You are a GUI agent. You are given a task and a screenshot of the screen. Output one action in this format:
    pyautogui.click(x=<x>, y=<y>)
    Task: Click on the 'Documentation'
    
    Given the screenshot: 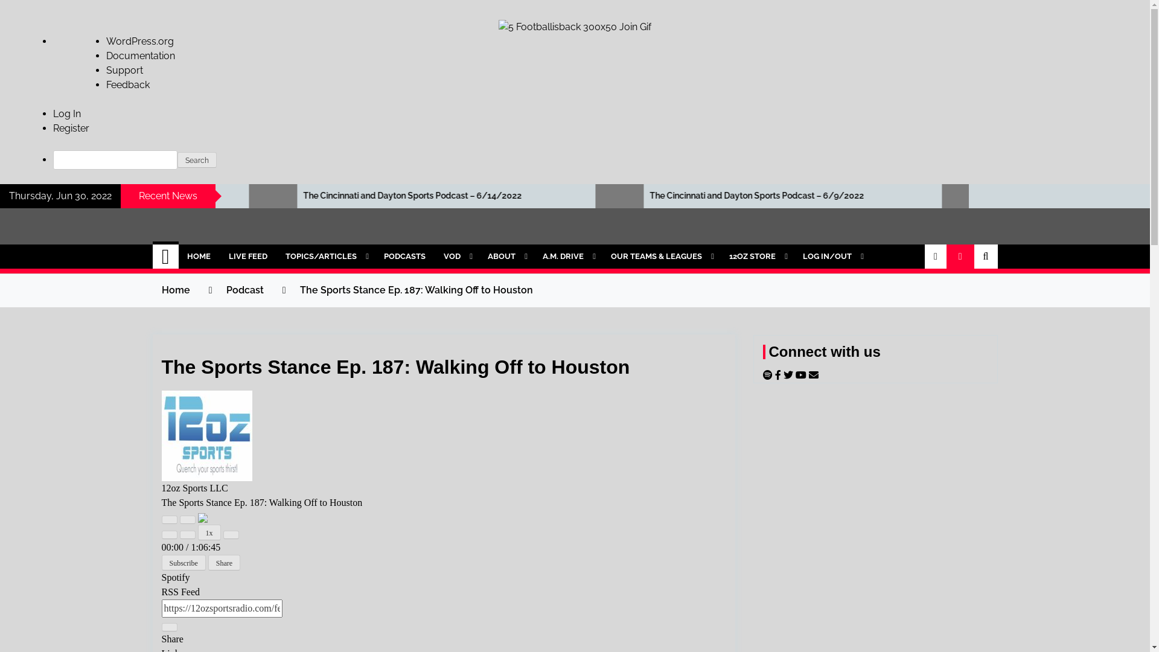 What is the action you would take?
    pyautogui.click(x=141, y=56)
    